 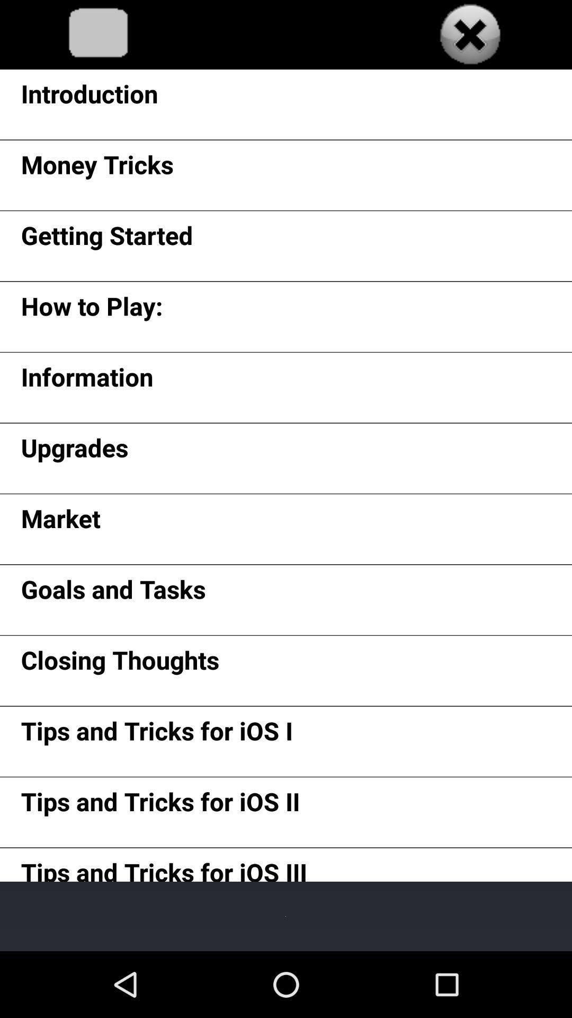 I want to click on the money tricks app, so click(x=97, y=168).